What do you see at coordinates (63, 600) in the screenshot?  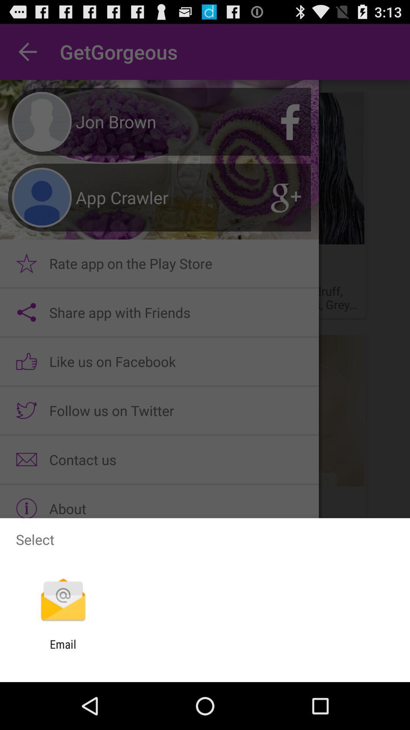 I see `item below the select icon` at bounding box center [63, 600].